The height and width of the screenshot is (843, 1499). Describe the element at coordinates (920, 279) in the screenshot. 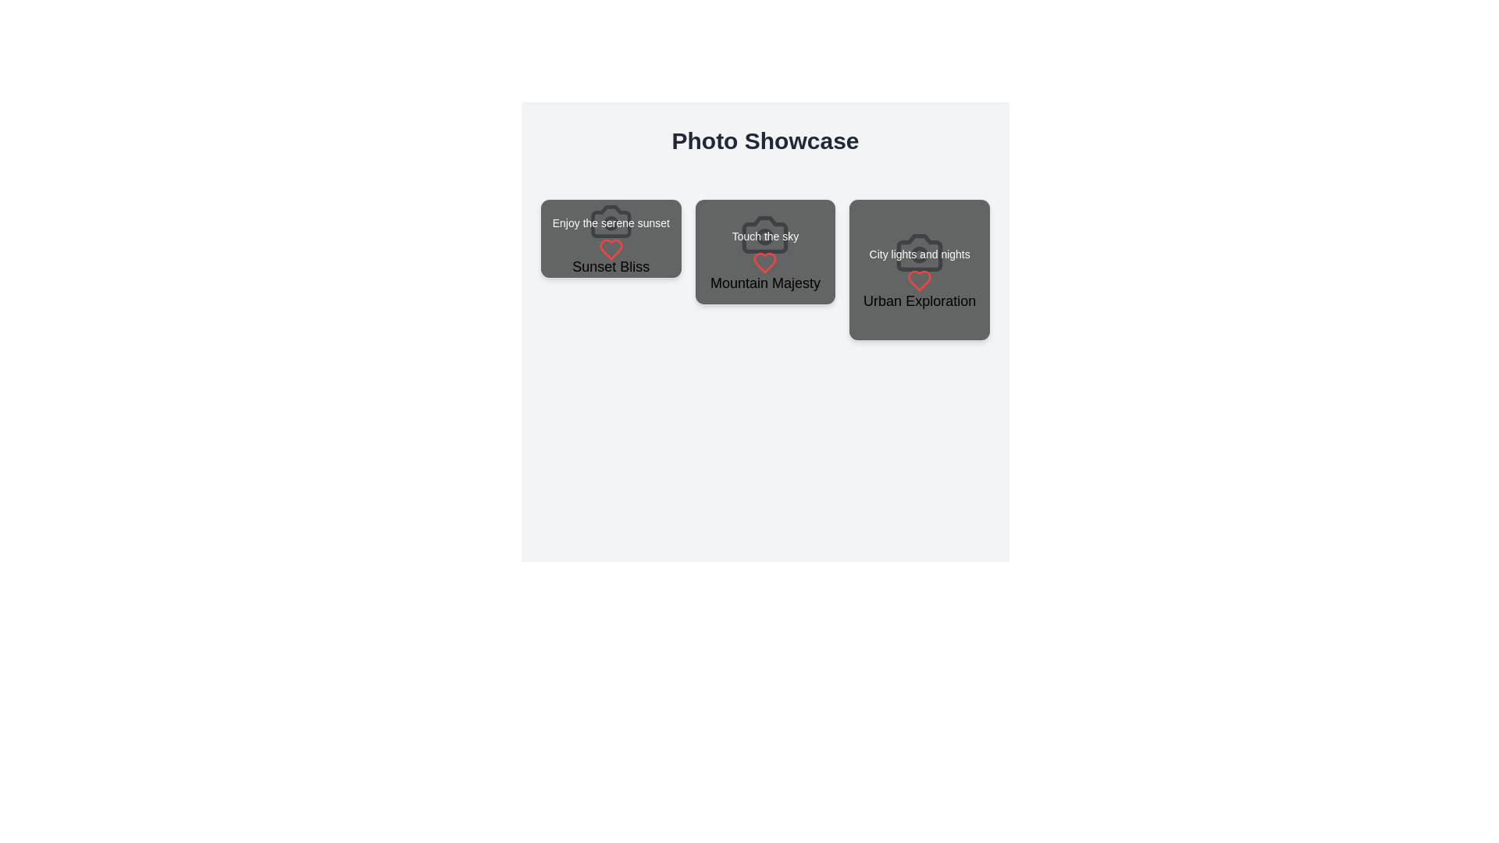

I see `the heart icon, which is red and located in the third card labeled 'Urban Exploration' below 'City lights and nights'` at that location.